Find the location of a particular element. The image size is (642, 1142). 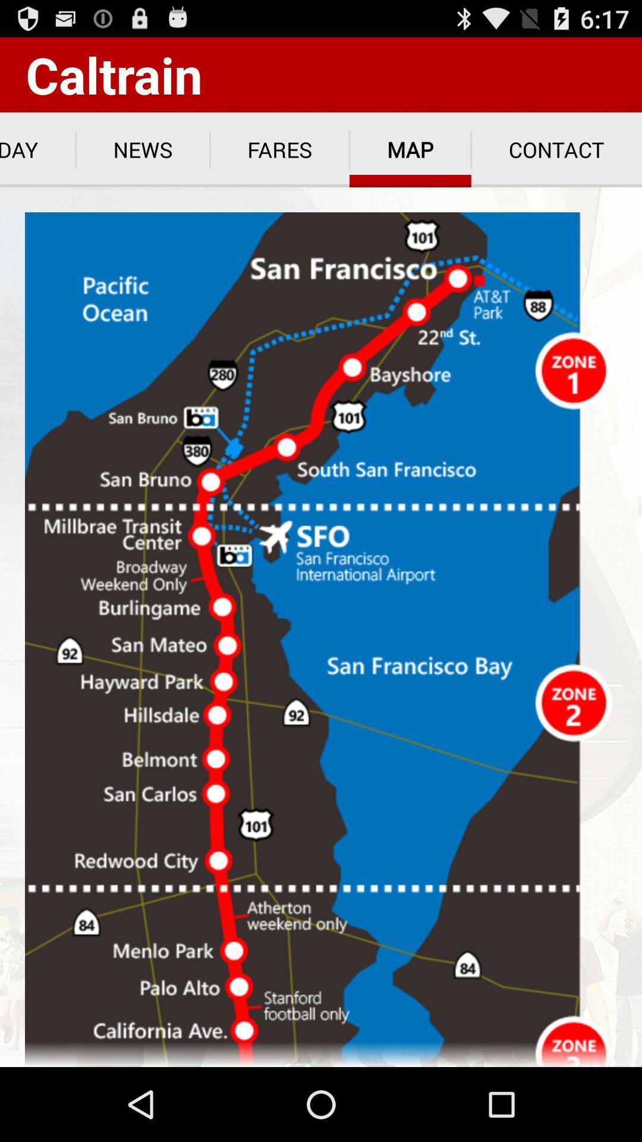

fares is located at coordinates (279, 149).